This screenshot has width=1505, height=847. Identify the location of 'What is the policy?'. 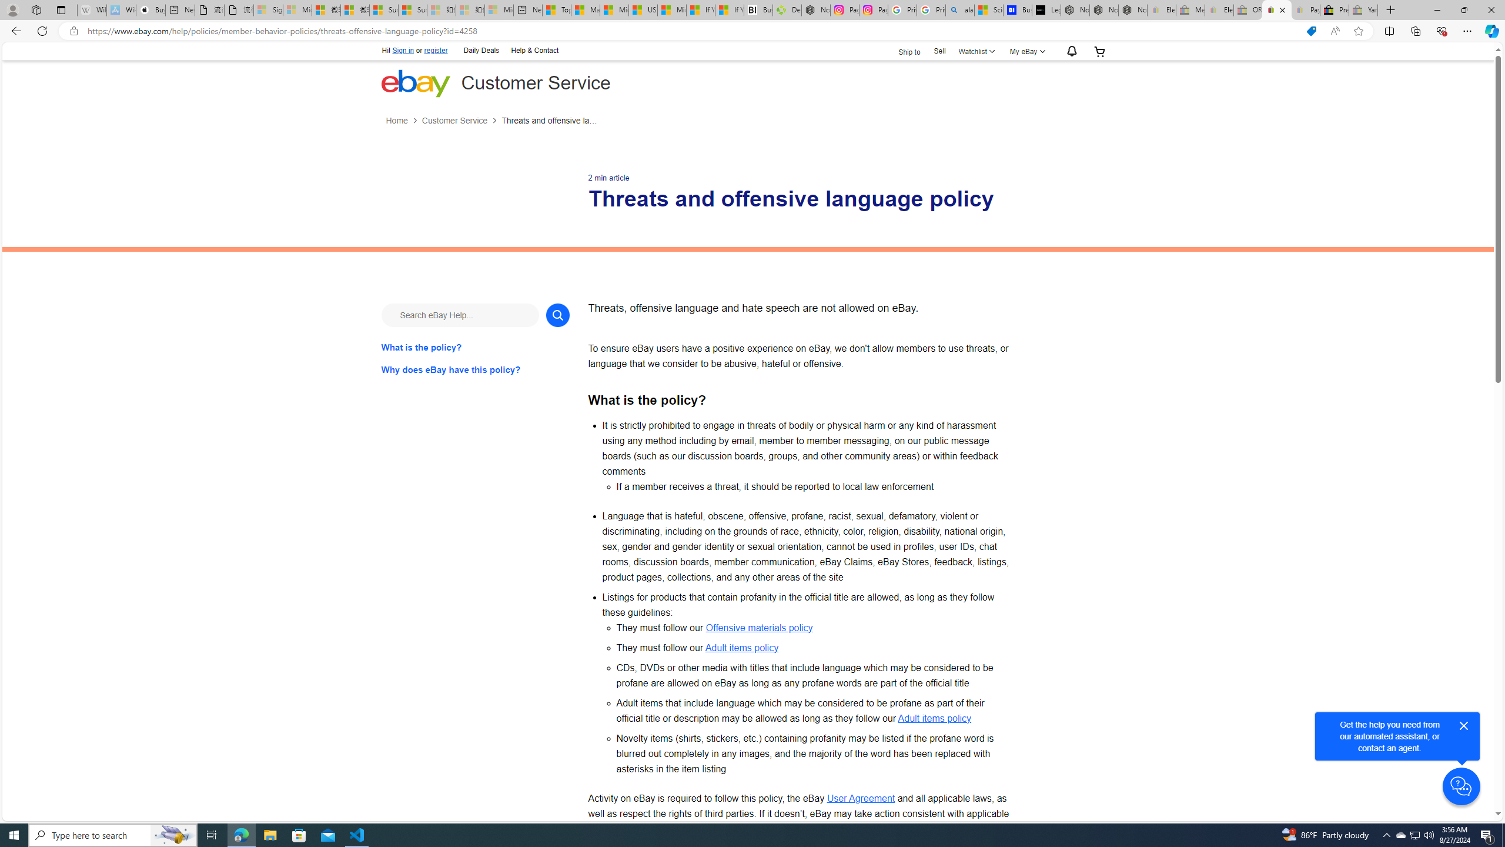
(474, 346).